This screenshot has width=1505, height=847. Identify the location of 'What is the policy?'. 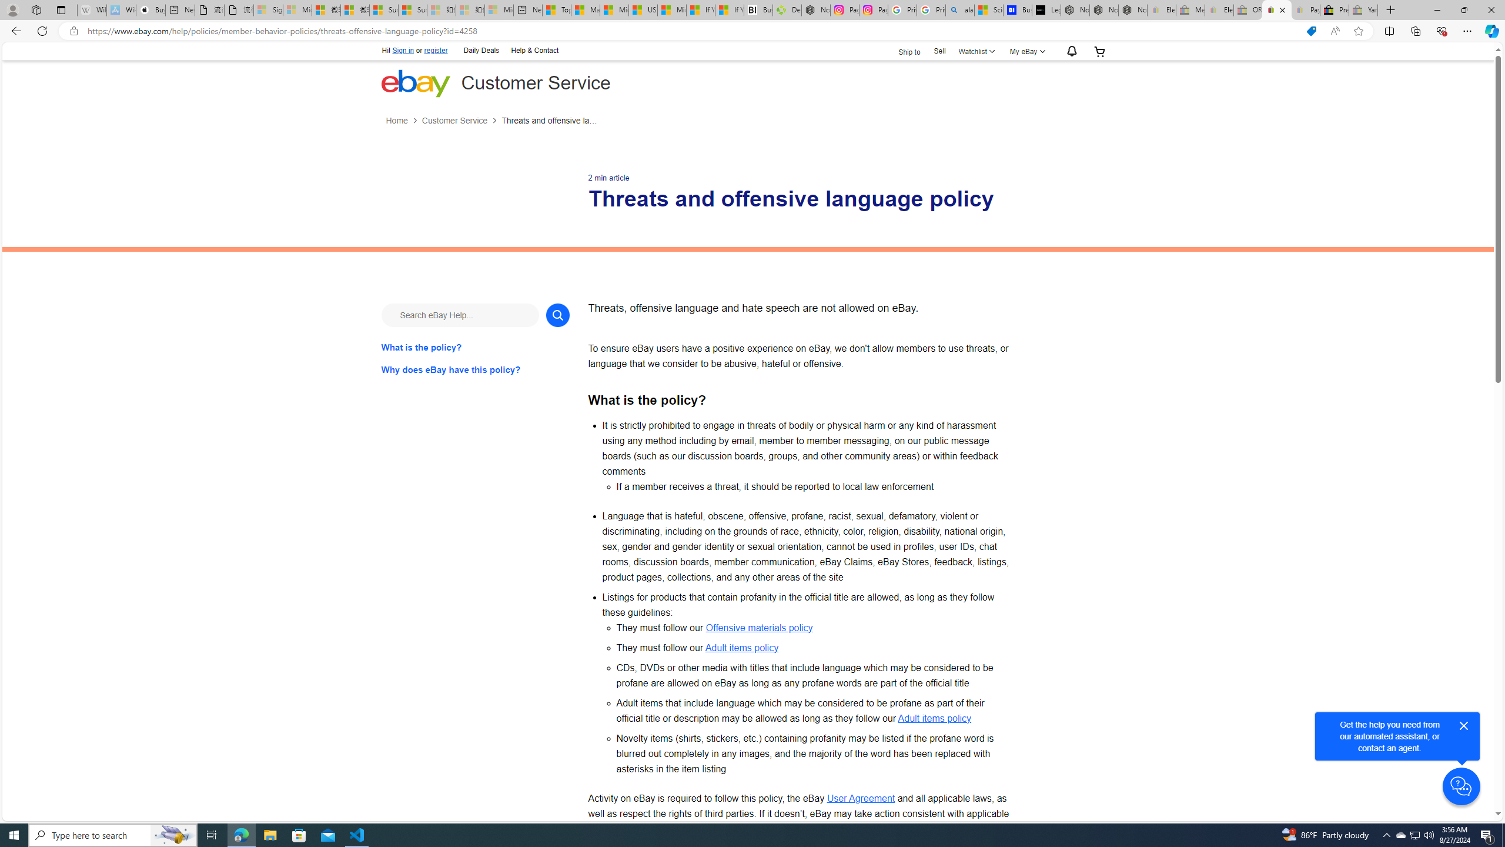
(474, 346).